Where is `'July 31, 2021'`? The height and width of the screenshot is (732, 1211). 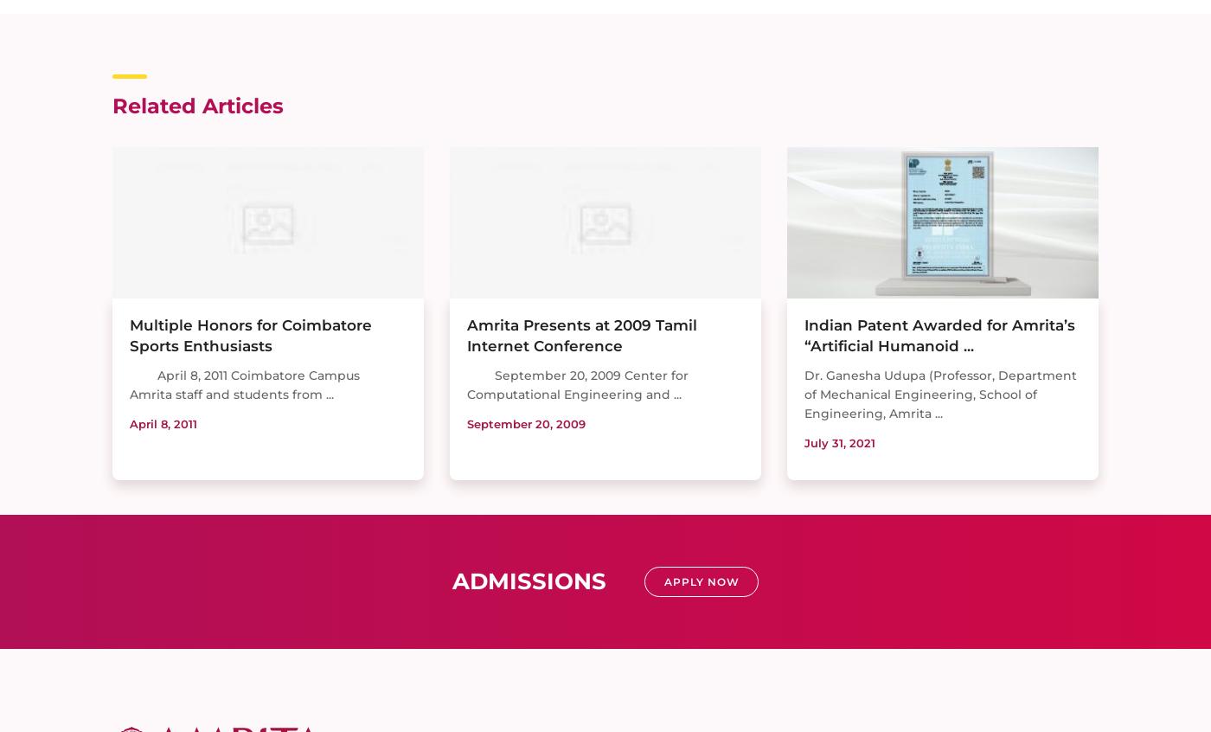 'July 31, 2021' is located at coordinates (840, 441).